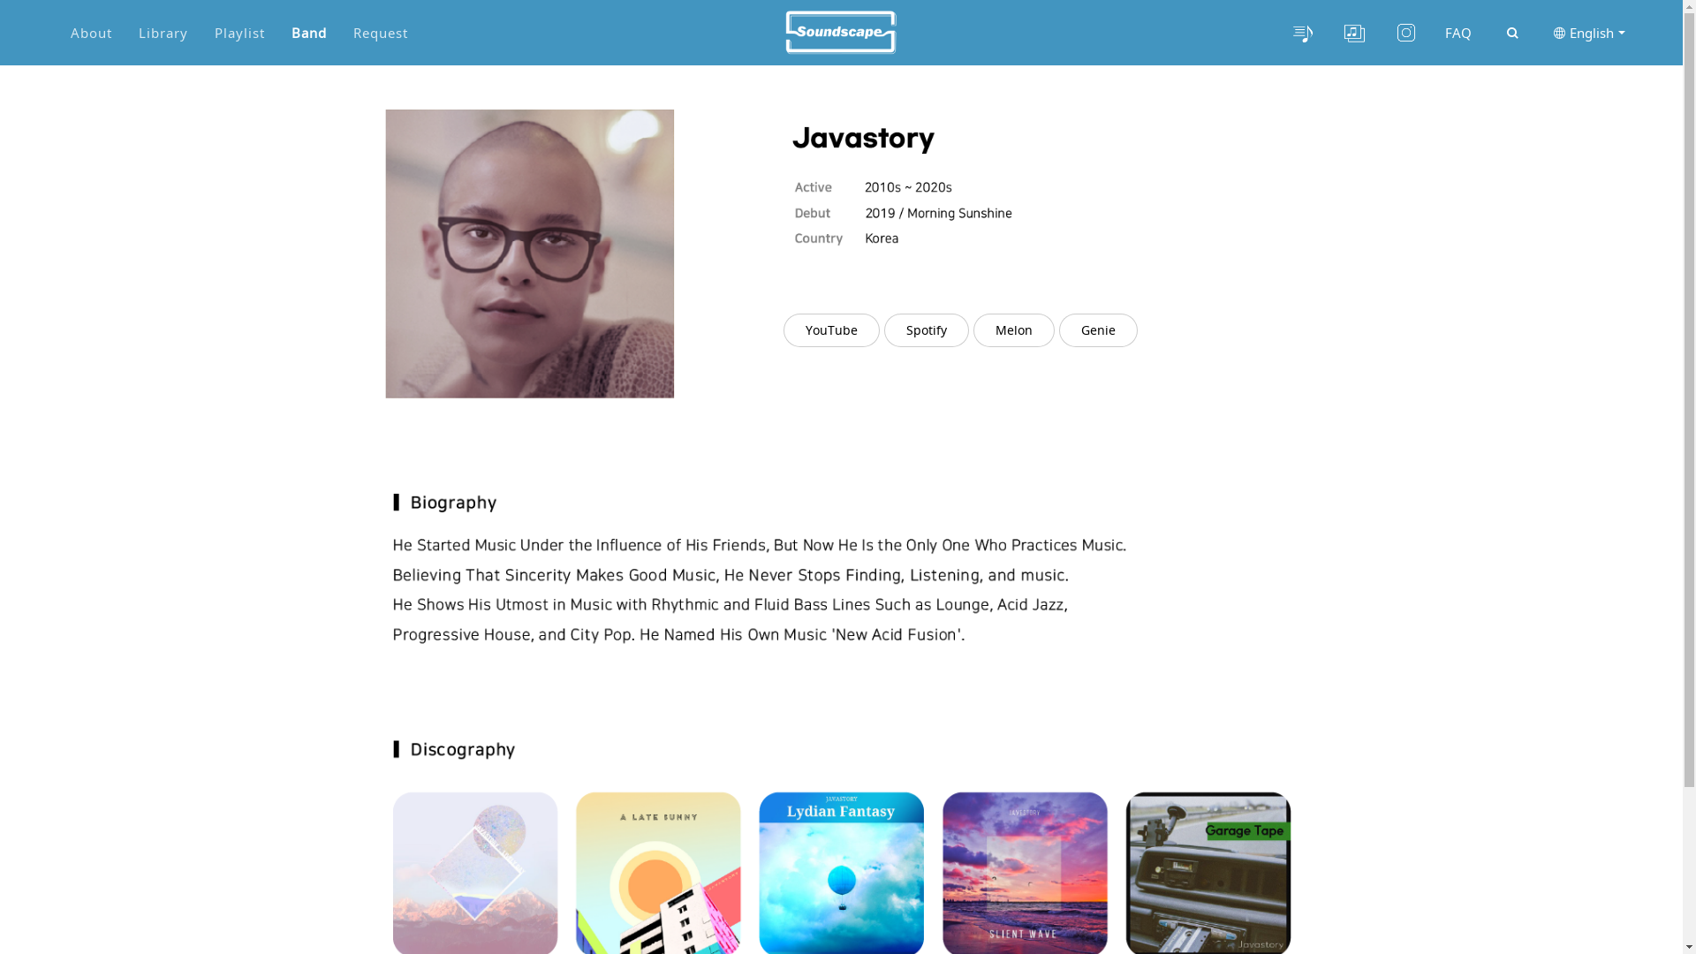  I want to click on 'Library', so click(163, 33).